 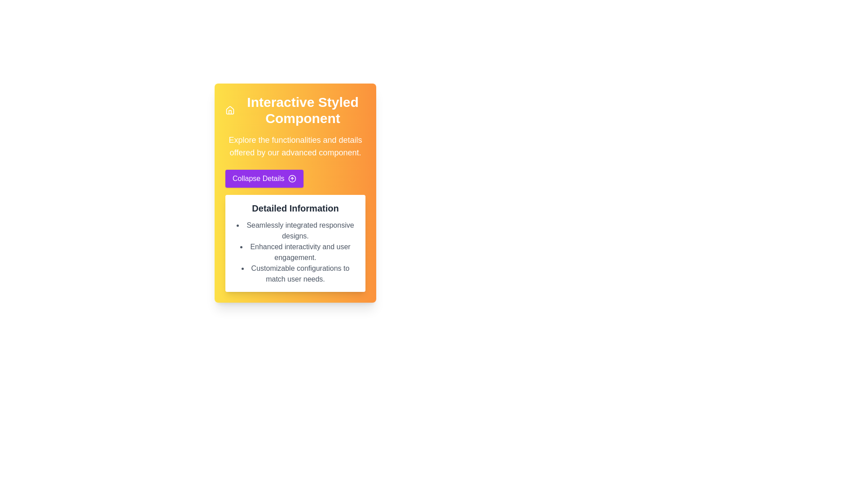 I want to click on the icon representing a downward arrow enclosed within a circle, which is located to the right of the 'Collapse Details' button, as a visual indicator, so click(x=292, y=178).